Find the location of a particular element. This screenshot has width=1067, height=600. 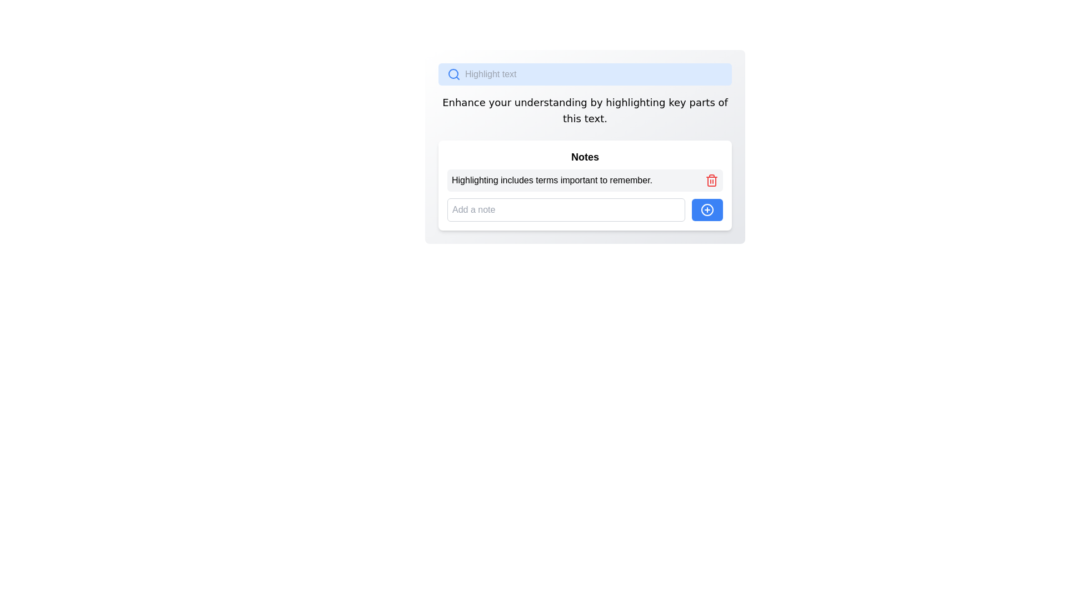

the letter within the word 'understanding' which is centrally located below the search bar and above the notes section is located at coordinates (577, 102).